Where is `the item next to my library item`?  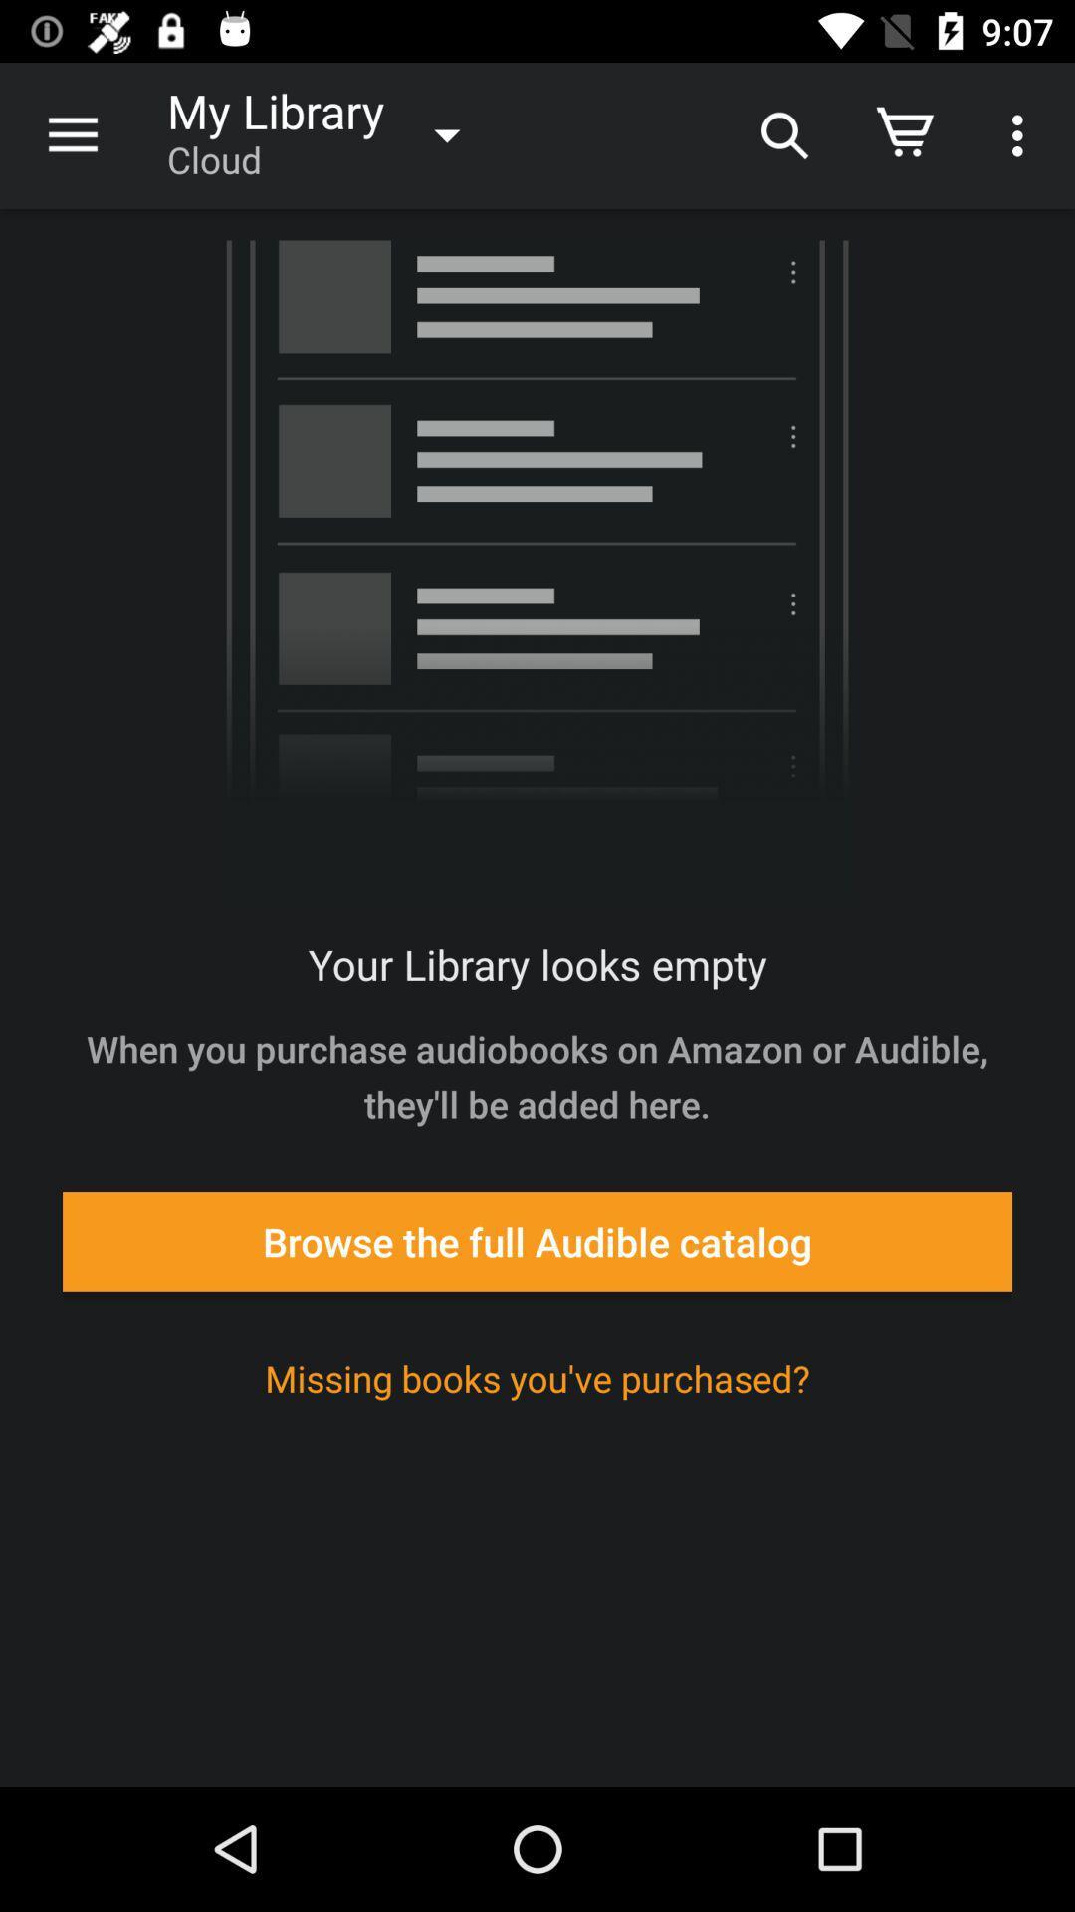
the item next to my library item is located at coordinates (72, 134).